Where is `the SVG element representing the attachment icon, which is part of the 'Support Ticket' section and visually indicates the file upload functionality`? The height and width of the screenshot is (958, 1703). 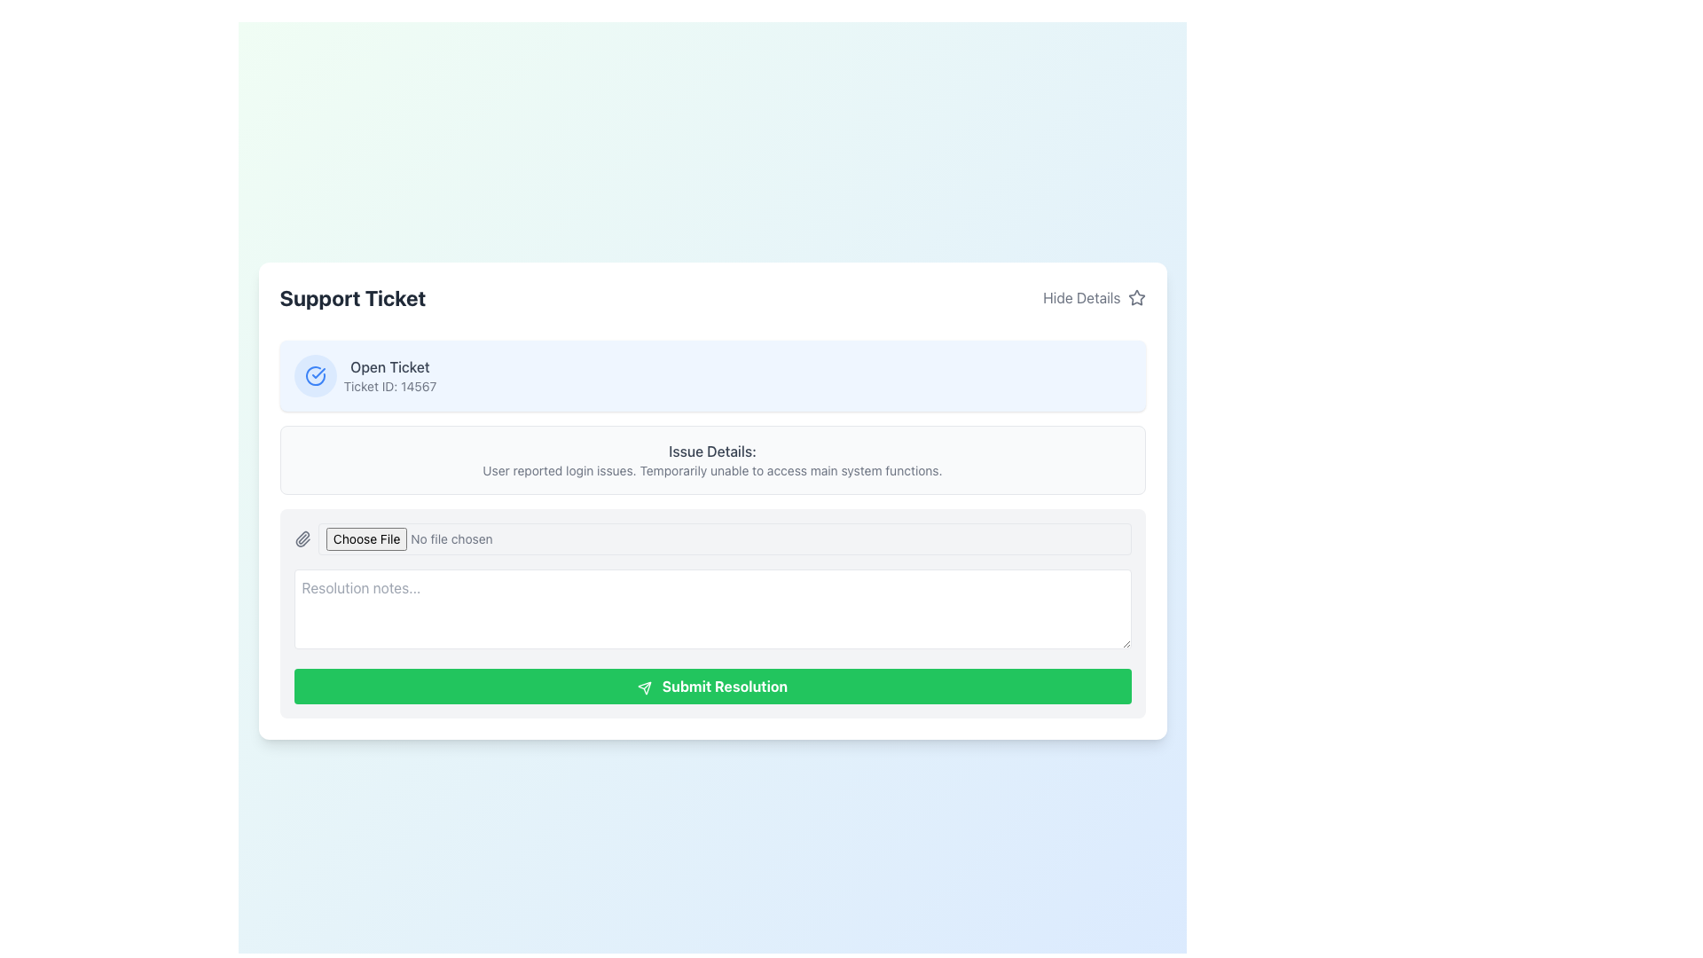 the SVG element representing the attachment icon, which is part of the 'Support Ticket' section and visually indicates the file upload functionality is located at coordinates (302, 538).